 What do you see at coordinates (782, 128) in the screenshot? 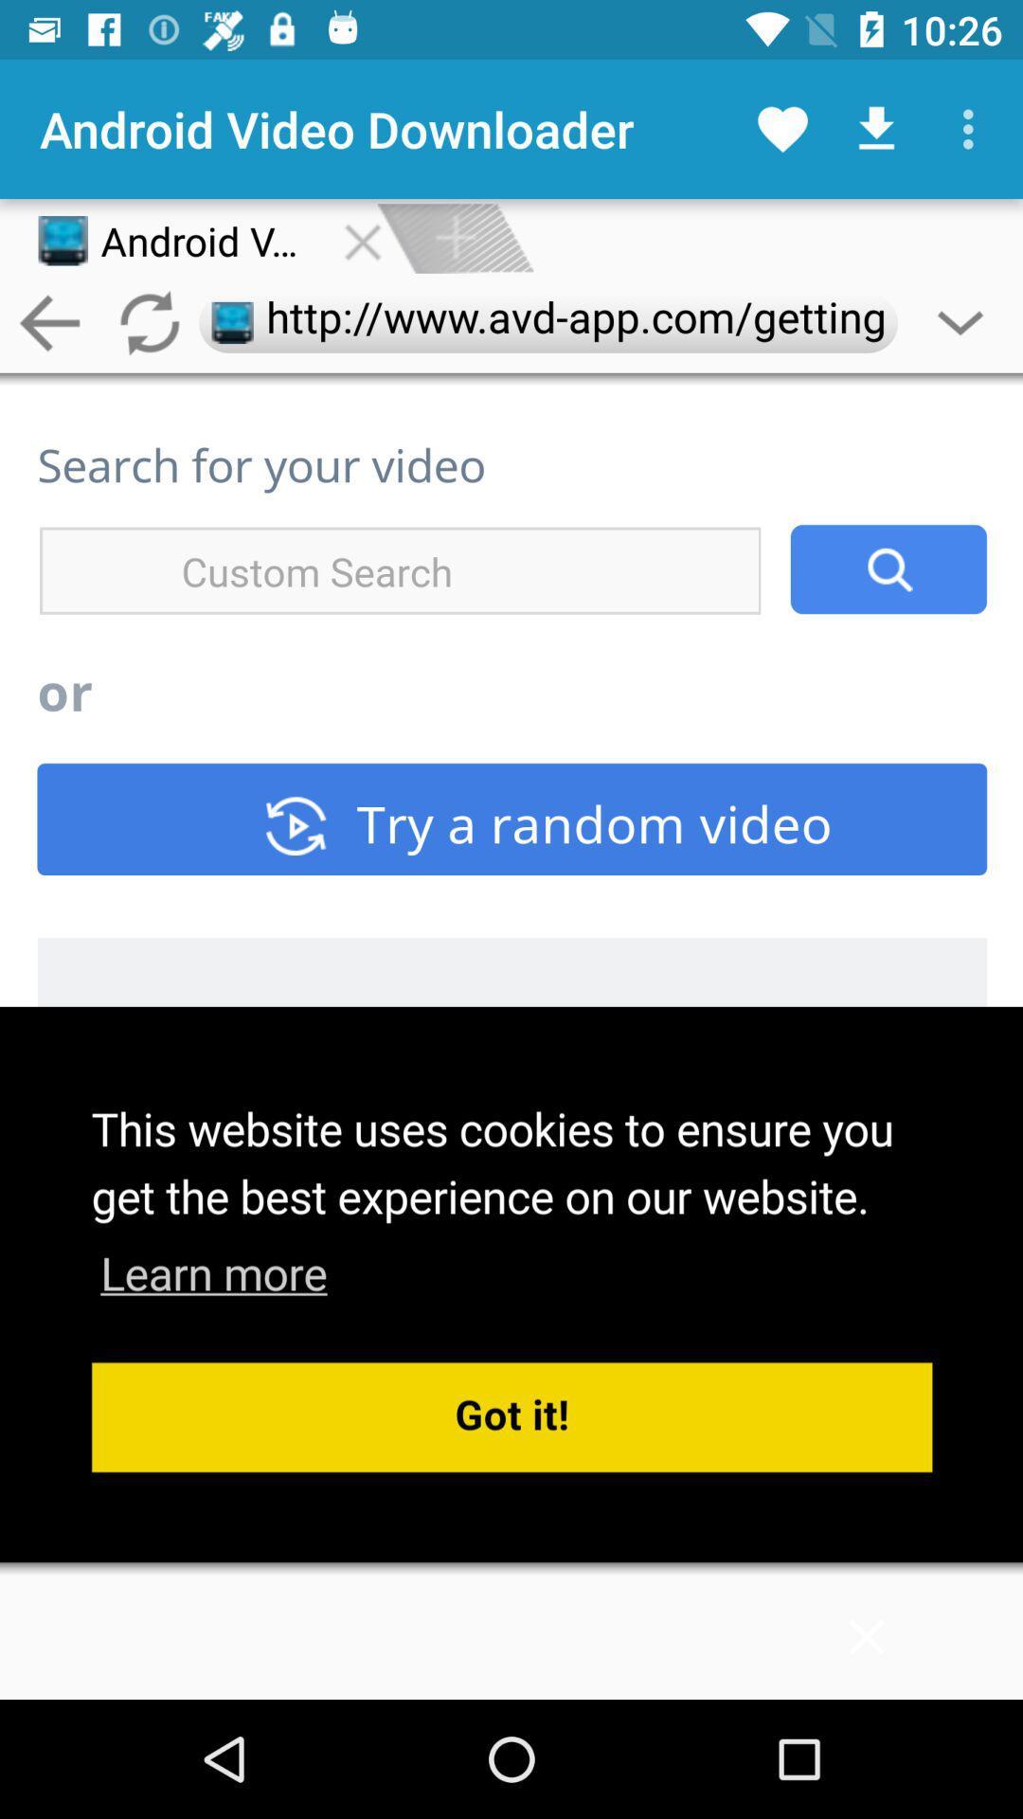
I see `the favorites icon` at bounding box center [782, 128].